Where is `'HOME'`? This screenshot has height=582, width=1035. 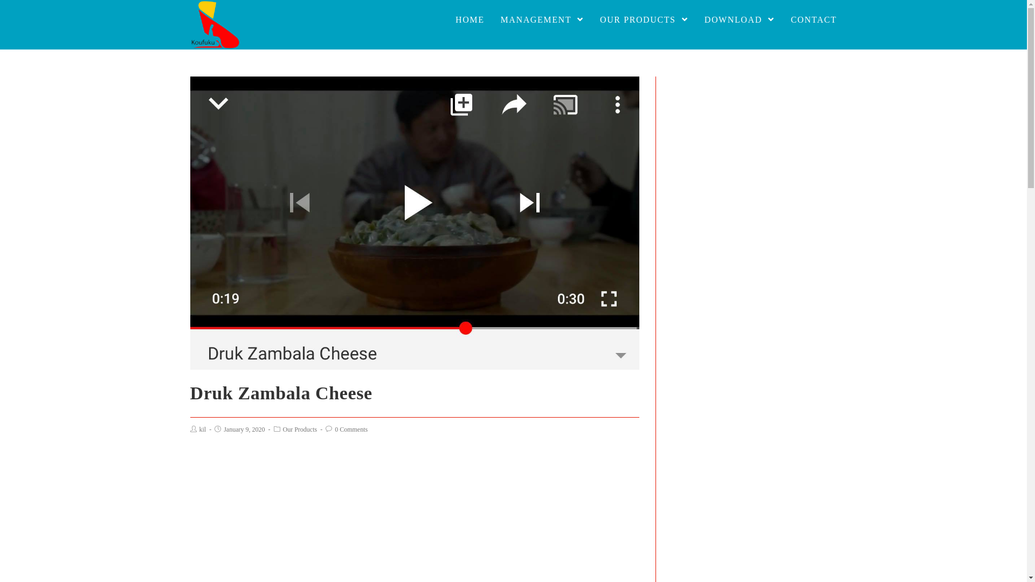 'HOME' is located at coordinates (447, 20).